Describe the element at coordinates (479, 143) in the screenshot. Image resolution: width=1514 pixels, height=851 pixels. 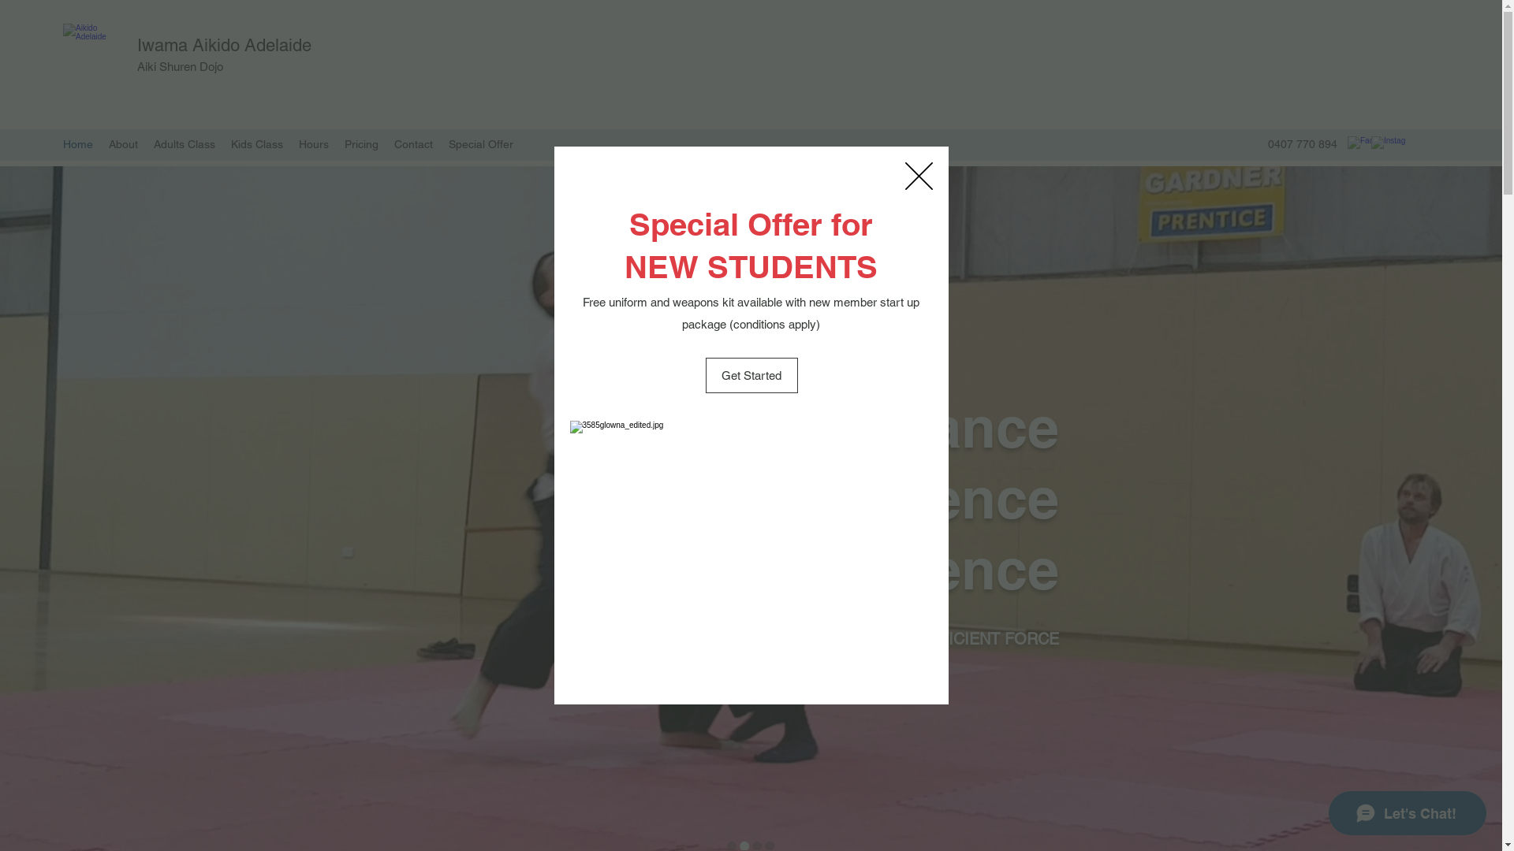
I see `'Special Offer'` at that location.